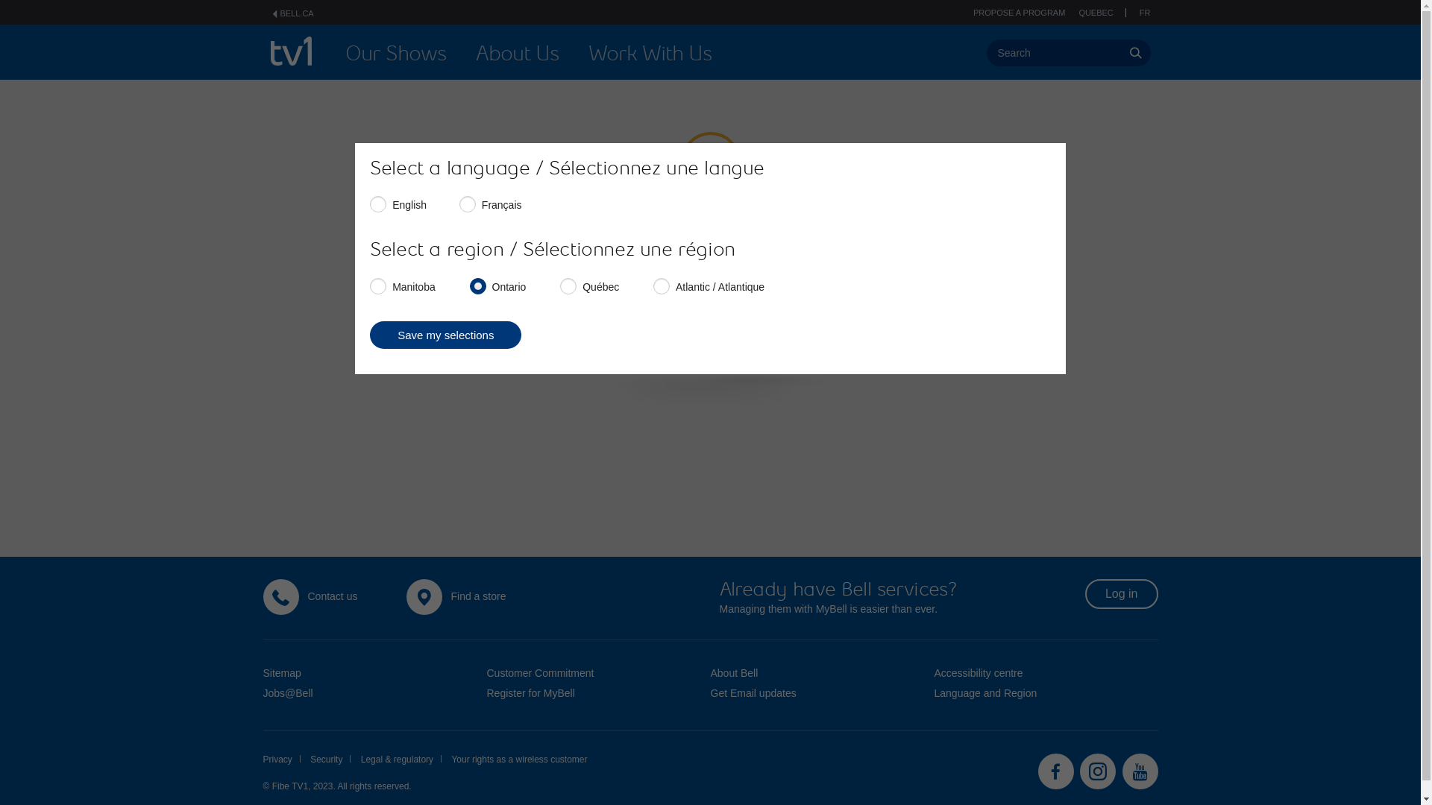  What do you see at coordinates (395, 52) in the screenshot?
I see `'Our Shows'` at bounding box center [395, 52].